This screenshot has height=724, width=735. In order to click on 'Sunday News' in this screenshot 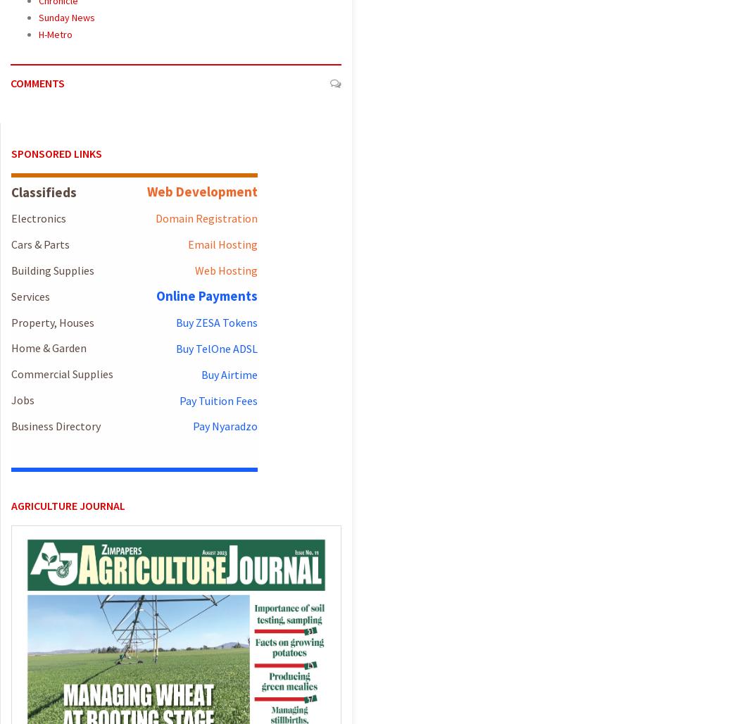, I will do `click(67, 17)`.